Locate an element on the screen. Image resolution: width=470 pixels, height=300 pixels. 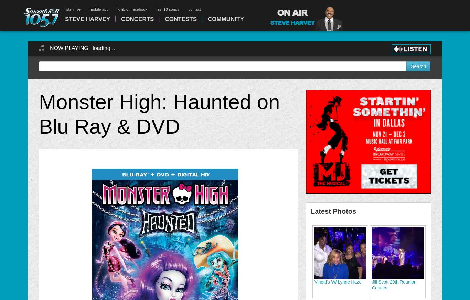
'Concerts' is located at coordinates (121, 19).